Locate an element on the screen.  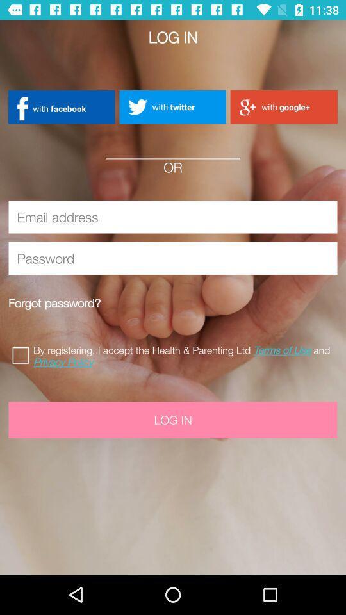
check to accept terms is located at coordinates (23, 354).